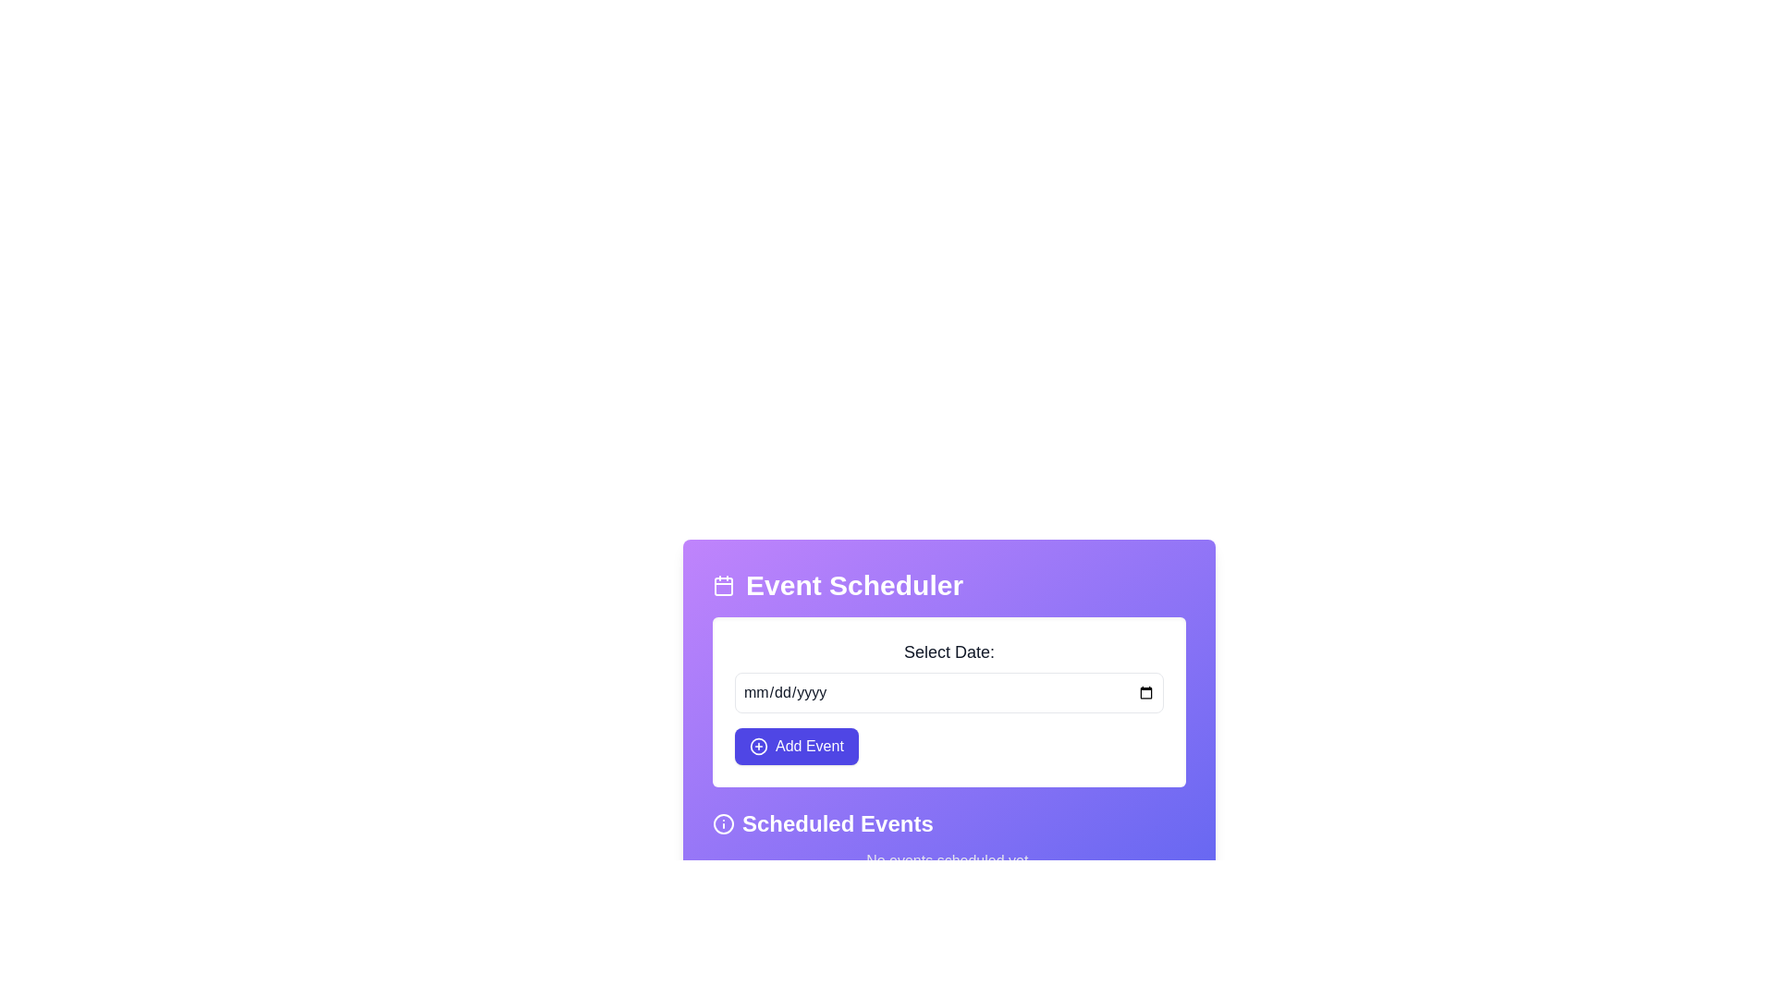 Image resolution: width=1775 pixels, height=998 pixels. I want to click on the rounded rectangle element located within the purple calendar icon to the left of the 'Event Scheduler' title, so click(722, 587).